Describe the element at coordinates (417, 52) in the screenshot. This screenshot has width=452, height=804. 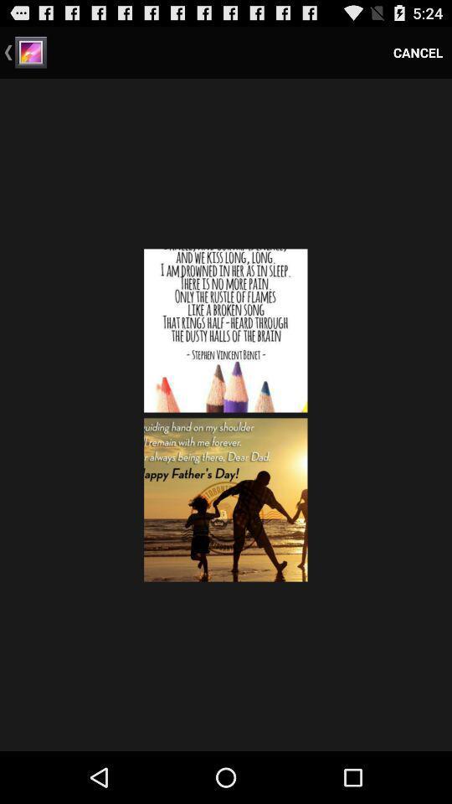
I see `cancel item` at that location.